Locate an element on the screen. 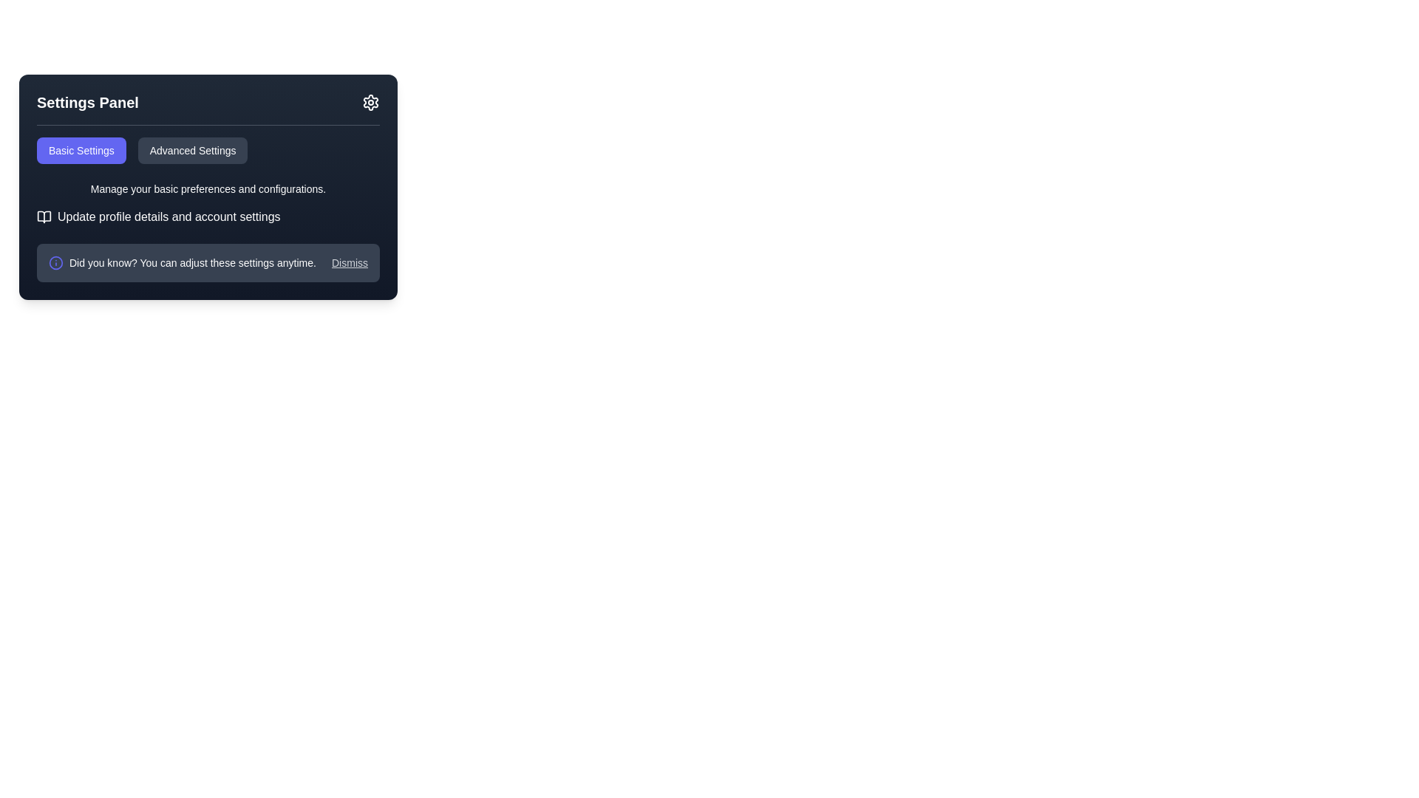  the 'Dismiss' link is located at coordinates (349, 262).